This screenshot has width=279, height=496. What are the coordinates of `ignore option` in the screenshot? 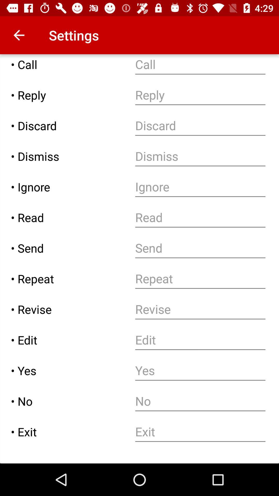 It's located at (200, 187).